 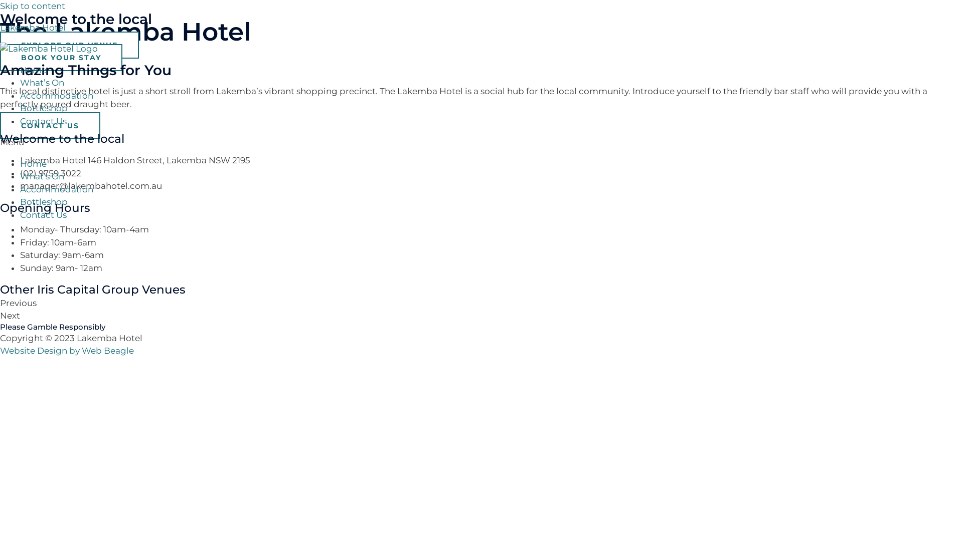 I want to click on 'Accommodation', so click(x=56, y=95).